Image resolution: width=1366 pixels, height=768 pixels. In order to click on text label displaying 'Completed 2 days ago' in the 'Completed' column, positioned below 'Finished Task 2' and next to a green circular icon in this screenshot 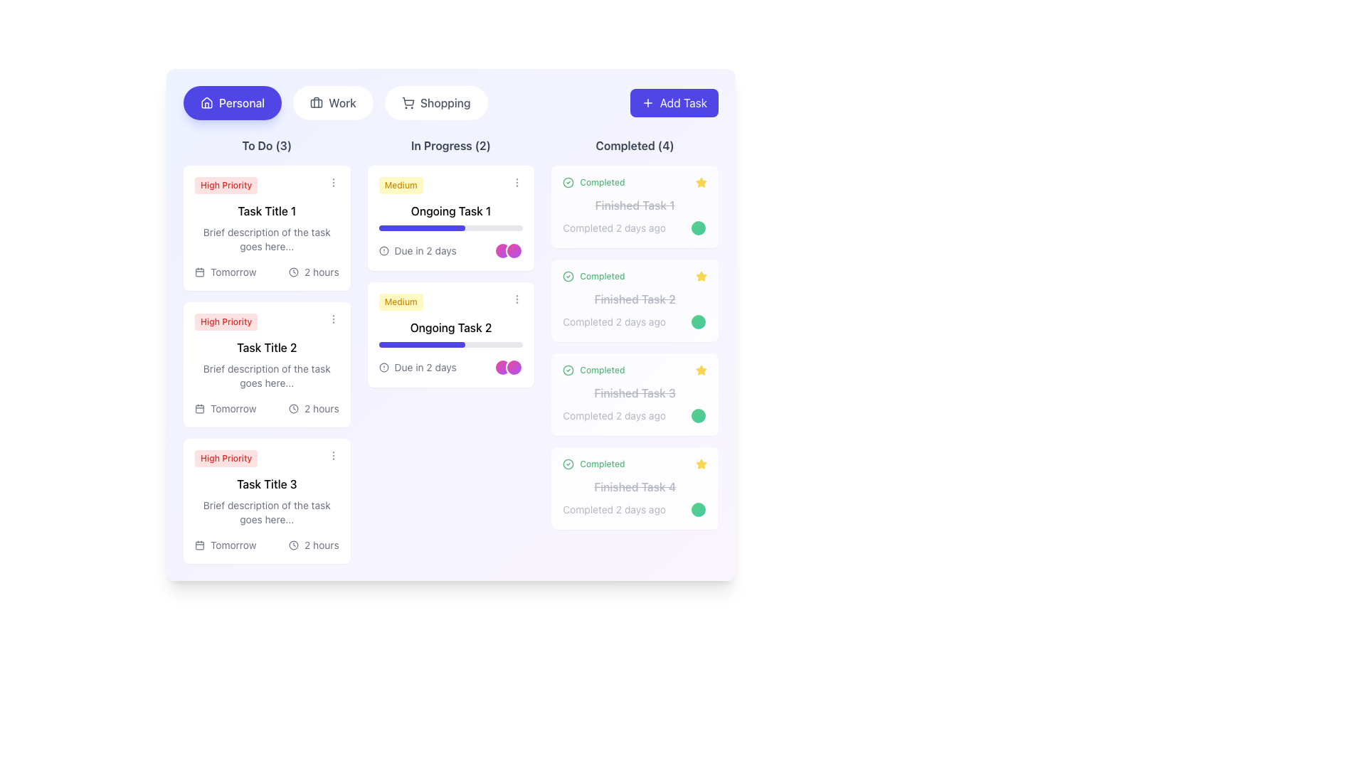, I will do `click(614, 321)`.